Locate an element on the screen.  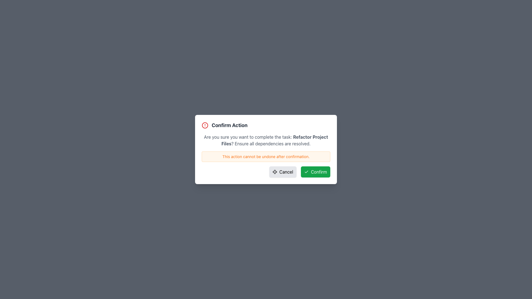
the alert/warning icon located to the left of the title 'Confirm Action' to indicate attention to the message being conveyed is located at coordinates (204, 125).